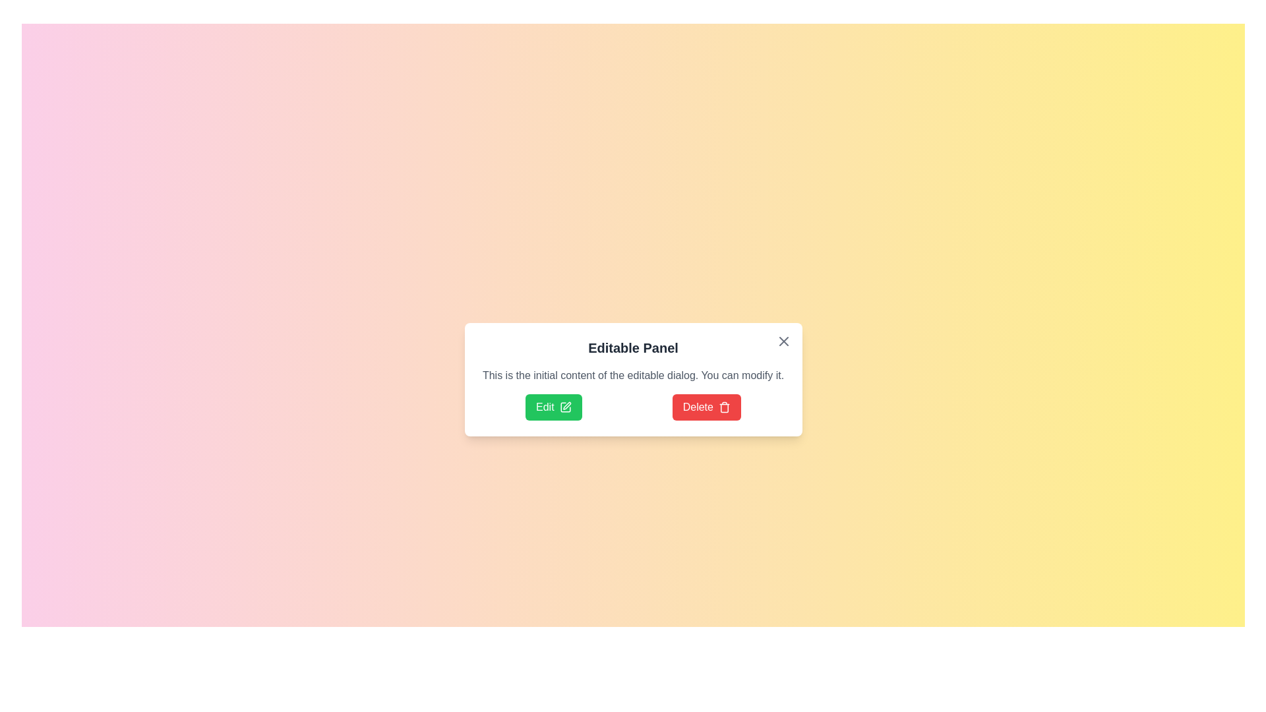 Image resolution: width=1266 pixels, height=712 pixels. I want to click on the 'Delete' button to clear the content of the editable dialog, so click(706, 406).